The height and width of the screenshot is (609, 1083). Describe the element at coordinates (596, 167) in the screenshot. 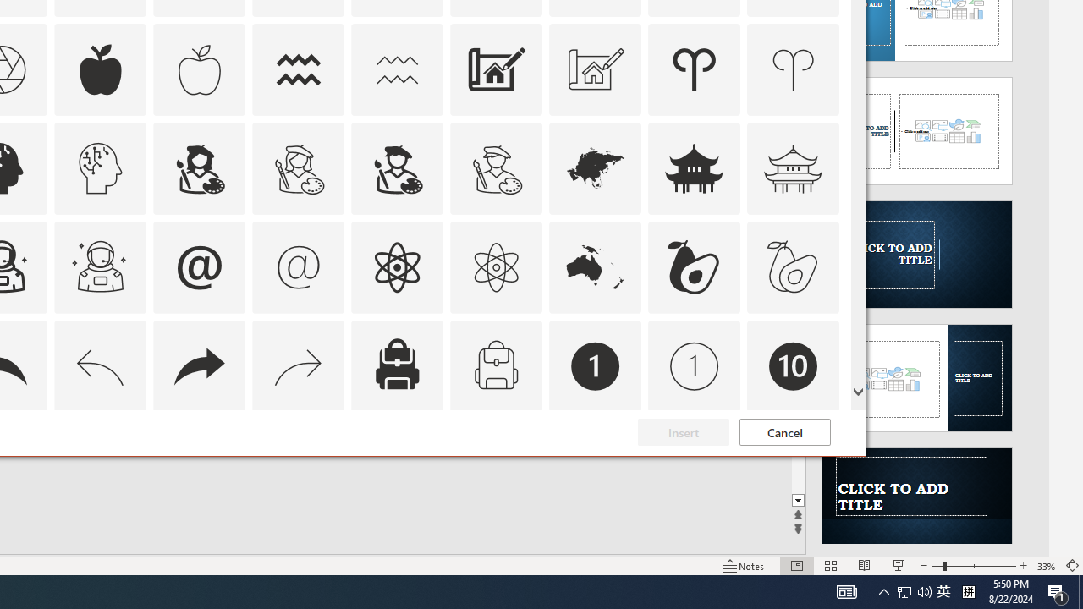

I see `'AutomationID: Icons_Asia'` at that location.